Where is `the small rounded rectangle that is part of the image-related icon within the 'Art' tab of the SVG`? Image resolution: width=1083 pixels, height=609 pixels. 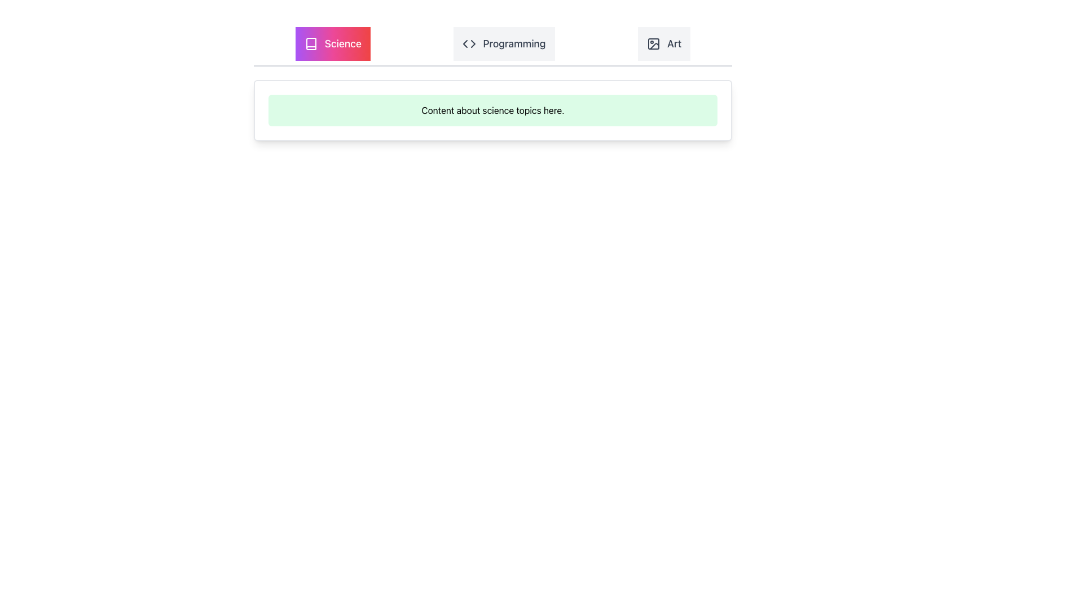 the small rounded rectangle that is part of the image-related icon within the 'Art' tab of the SVG is located at coordinates (653, 43).